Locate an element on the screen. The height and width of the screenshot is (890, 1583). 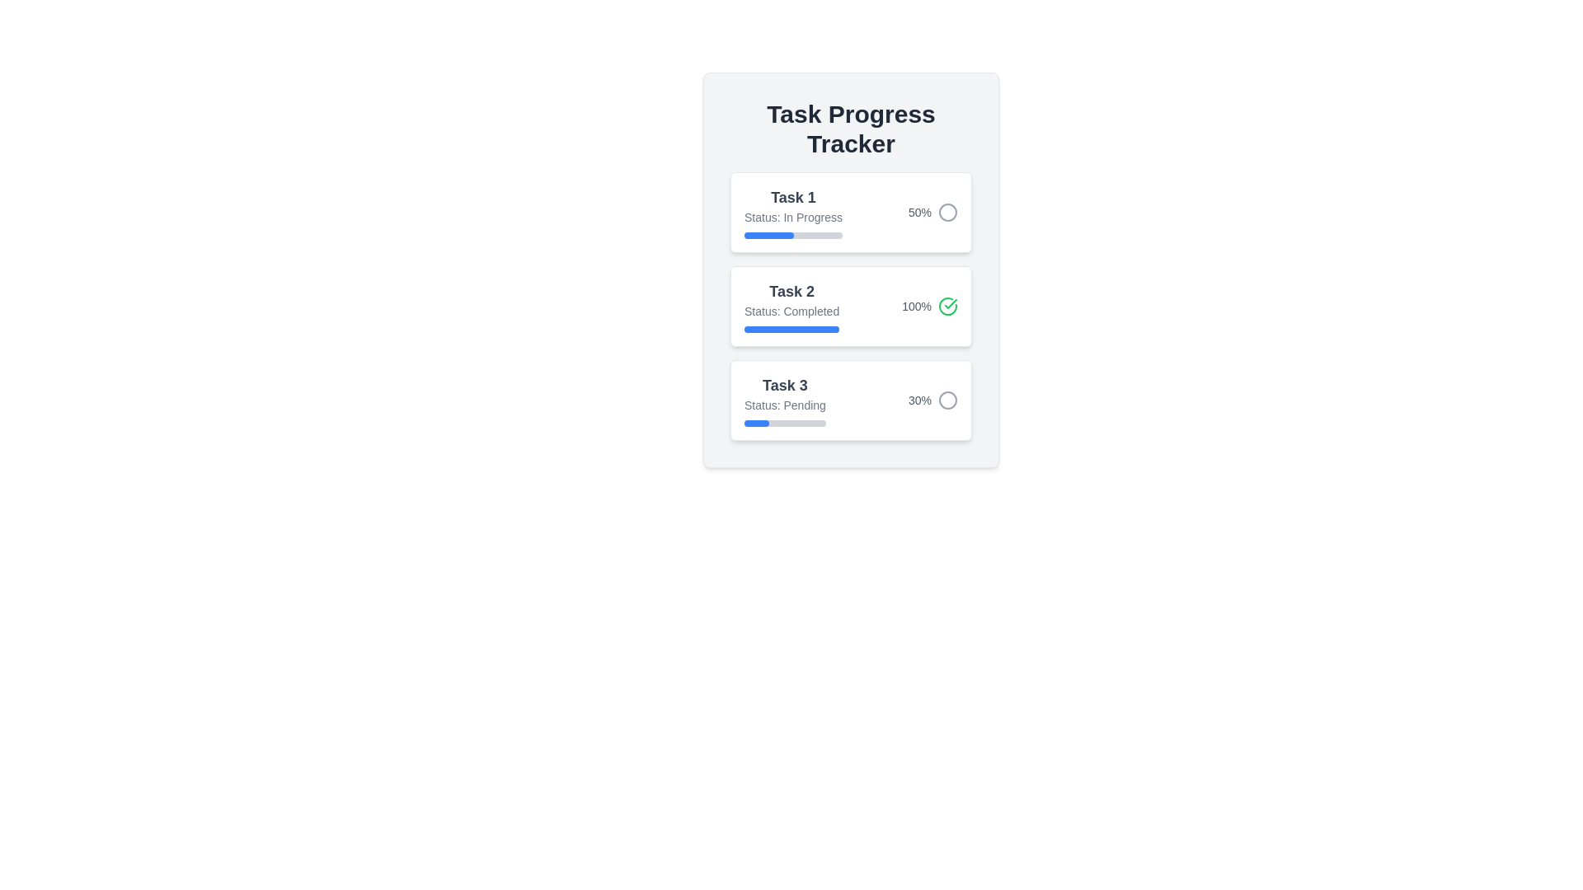
the text label displaying 'Status: In Progress', which is styled with a small gray font and located below the 'Task 1' title and above a blue progress bar is located at coordinates (793, 216).